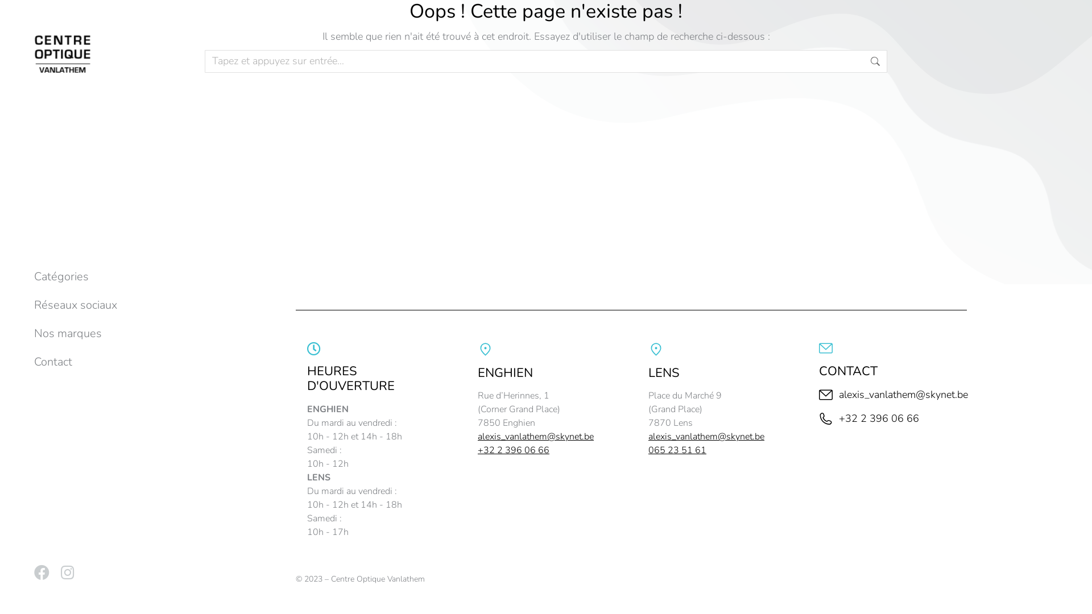 Image resolution: width=1092 pixels, height=614 pixels. Describe the element at coordinates (535, 435) in the screenshot. I see `'alexis_vanlathem@skynet.be'` at that location.